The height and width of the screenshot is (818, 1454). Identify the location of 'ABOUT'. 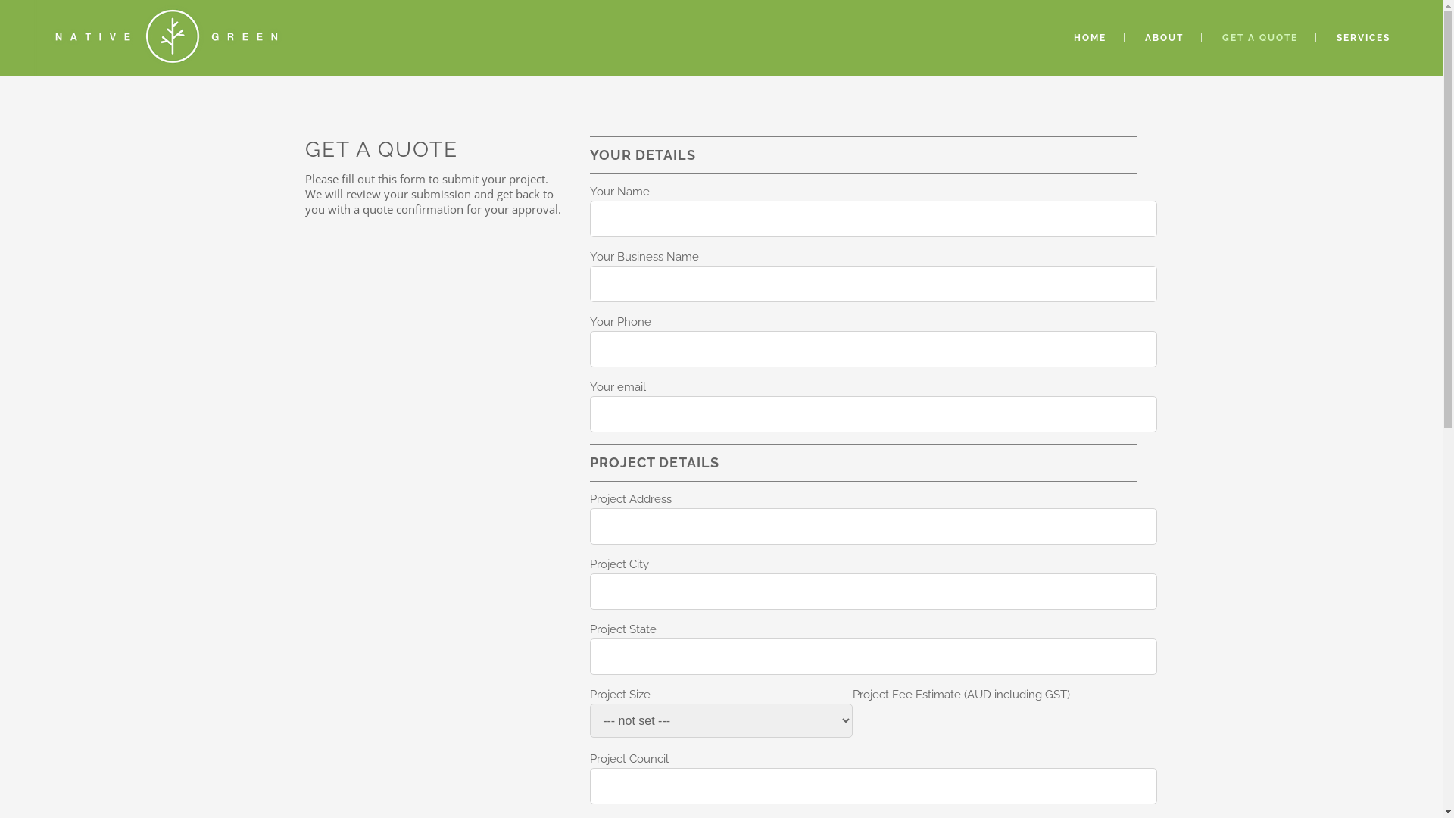
(1163, 37).